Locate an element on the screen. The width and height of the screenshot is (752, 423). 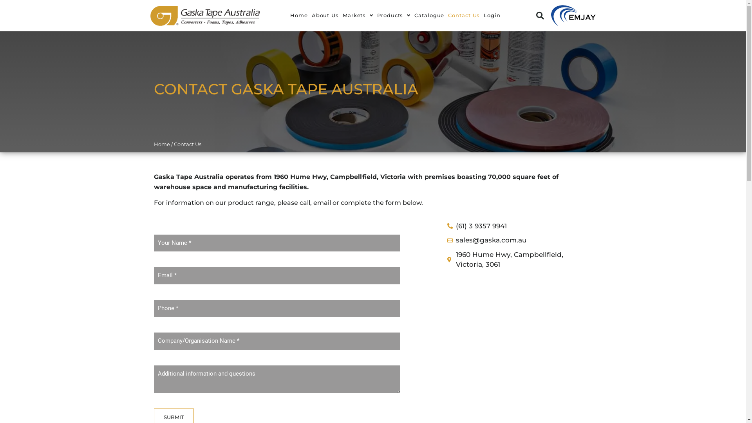
'Home' is located at coordinates (154, 144).